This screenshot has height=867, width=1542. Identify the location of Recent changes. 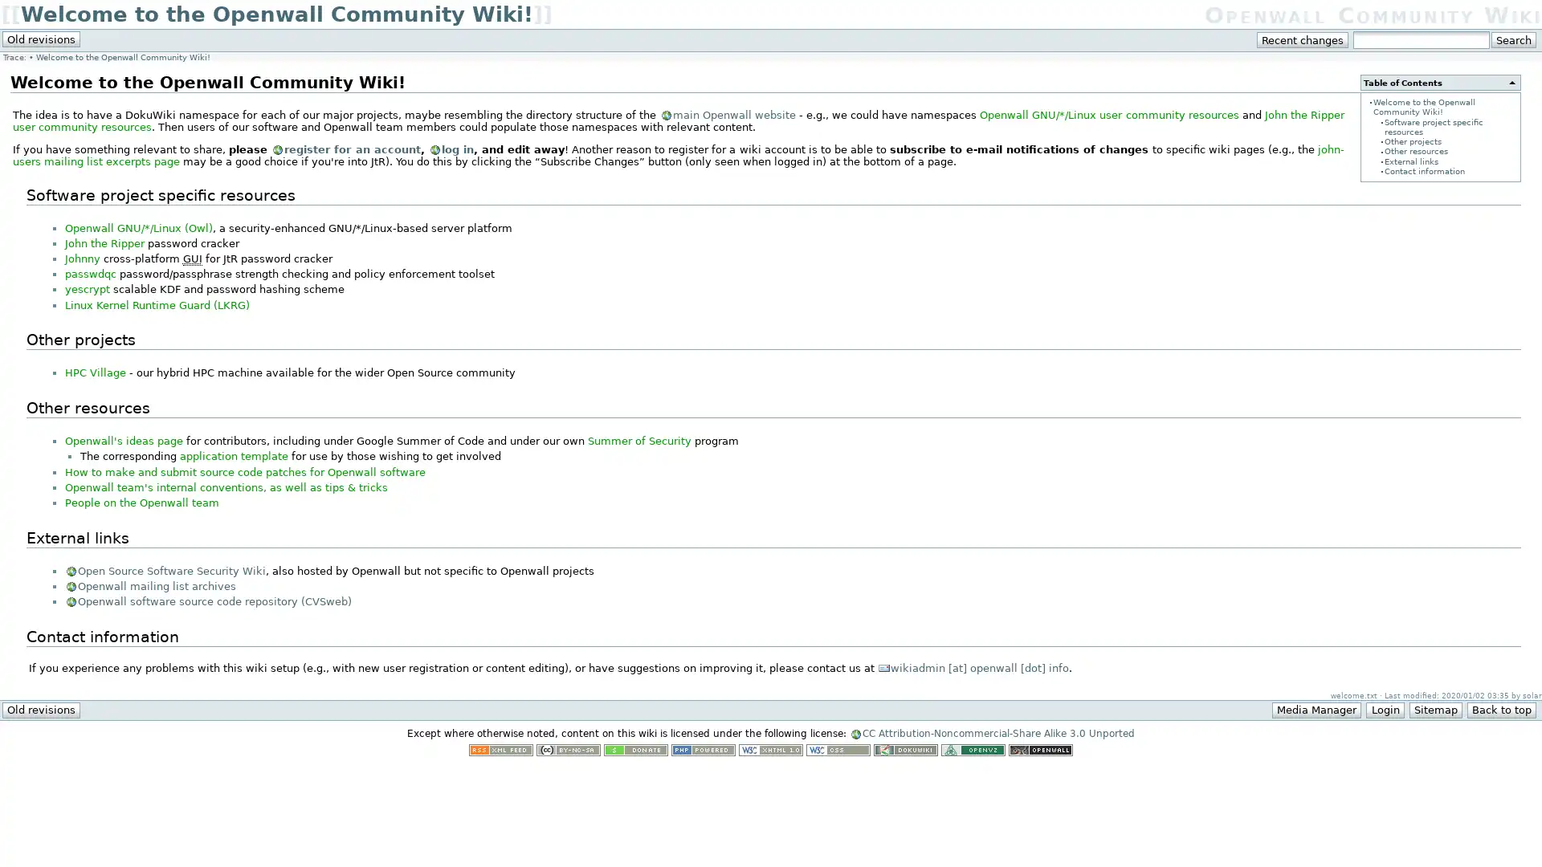
(1303, 39).